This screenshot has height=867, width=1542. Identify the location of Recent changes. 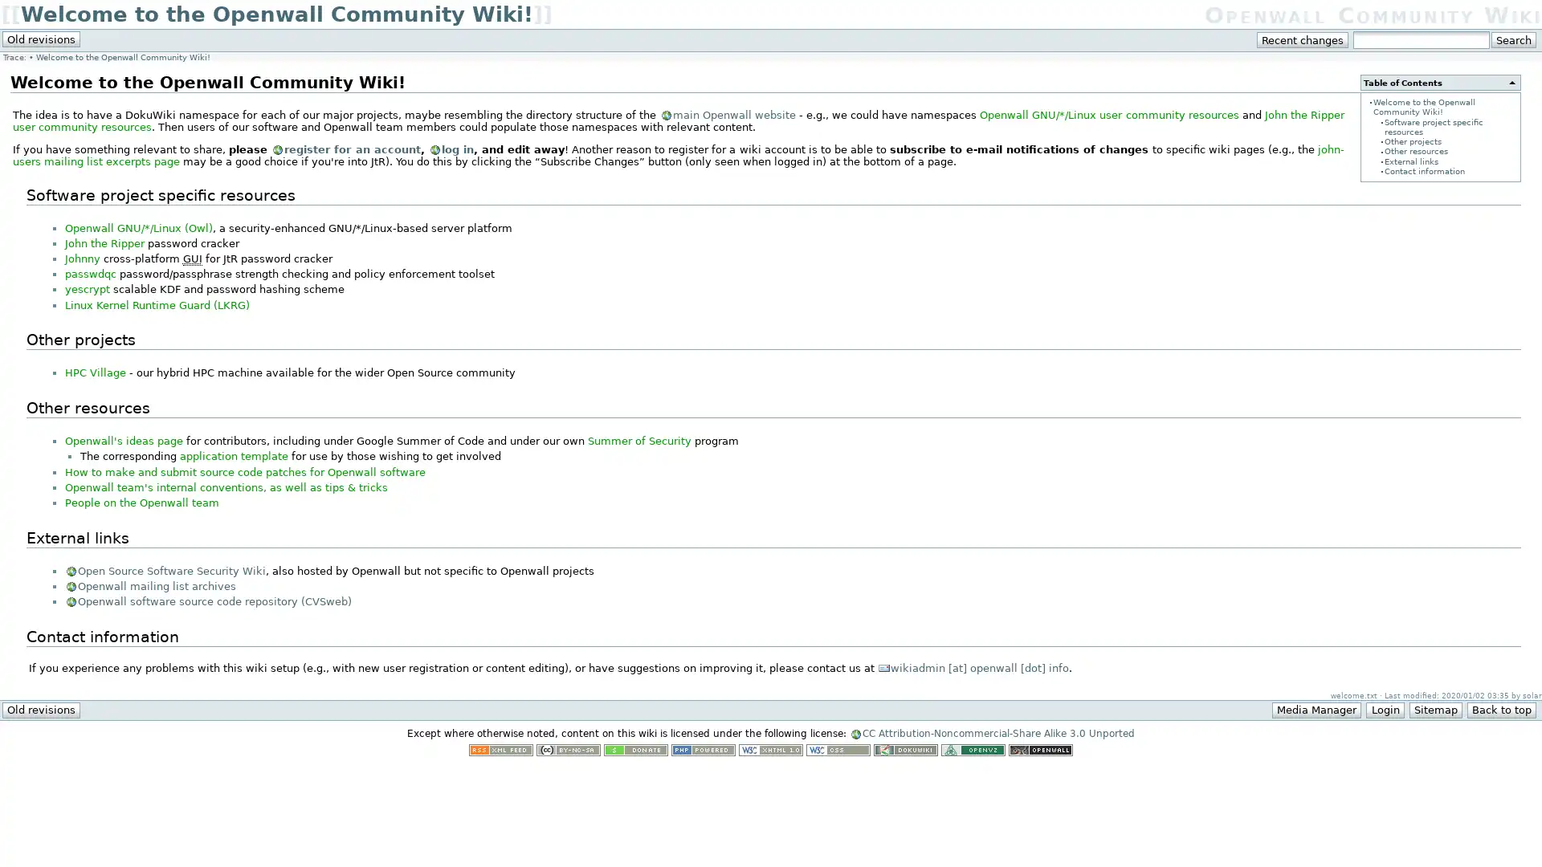
(1303, 39).